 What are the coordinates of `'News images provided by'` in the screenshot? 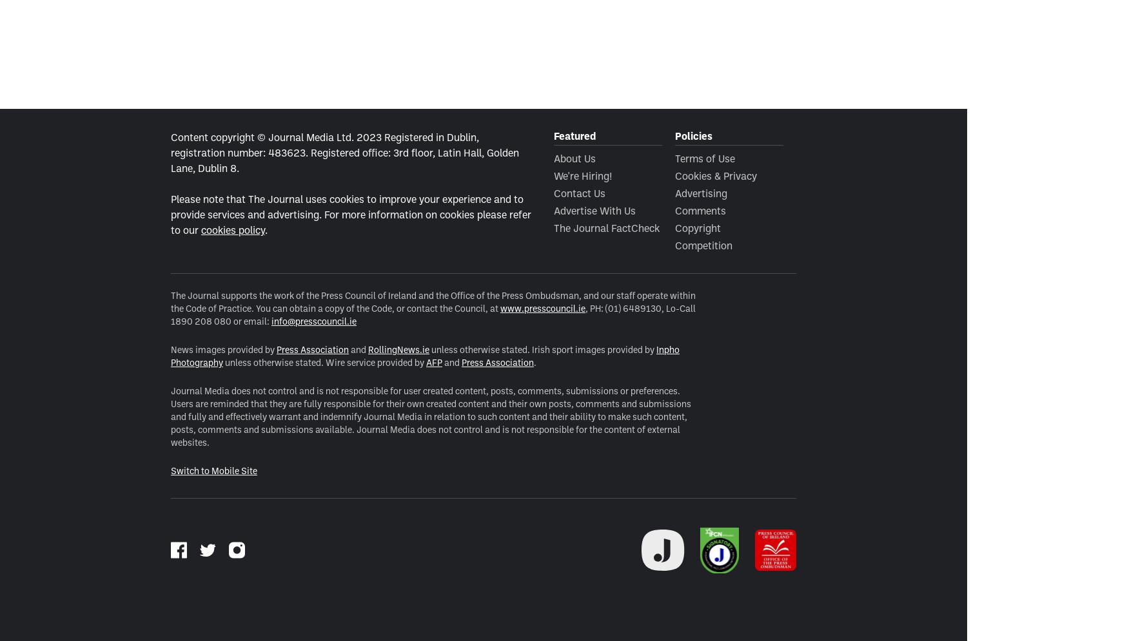 It's located at (222, 349).